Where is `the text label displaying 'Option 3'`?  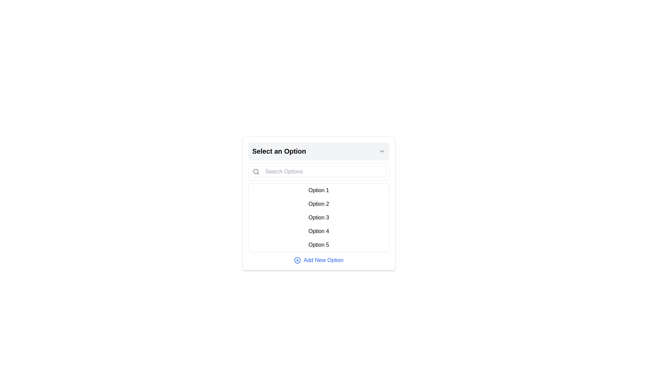 the text label displaying 'Option 3' is located at coordinates (318, 218).